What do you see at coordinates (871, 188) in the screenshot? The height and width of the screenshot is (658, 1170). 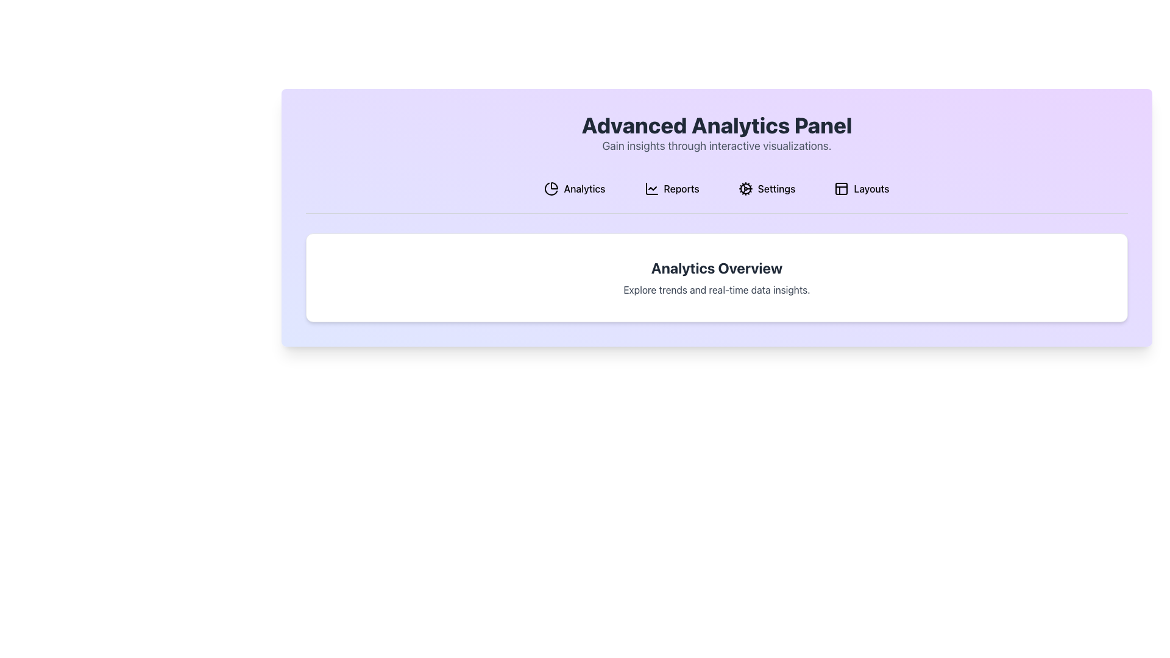 I see `'Layouts' text label located in the navigation bar, which is styled in a medium-weight font and positioned to the right of the 'Settings' option, adjacent to a layout graphic icon` at bounding box center [871, 188].